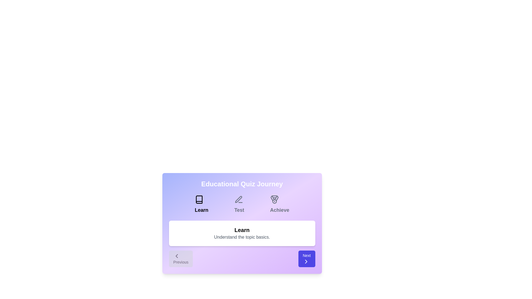 This screenshot has width=532, height=299. What do you see at coordinates (306, 259) in the screenshot?
I see `the Next button to navigate stages` at bounding box center [306, 259].